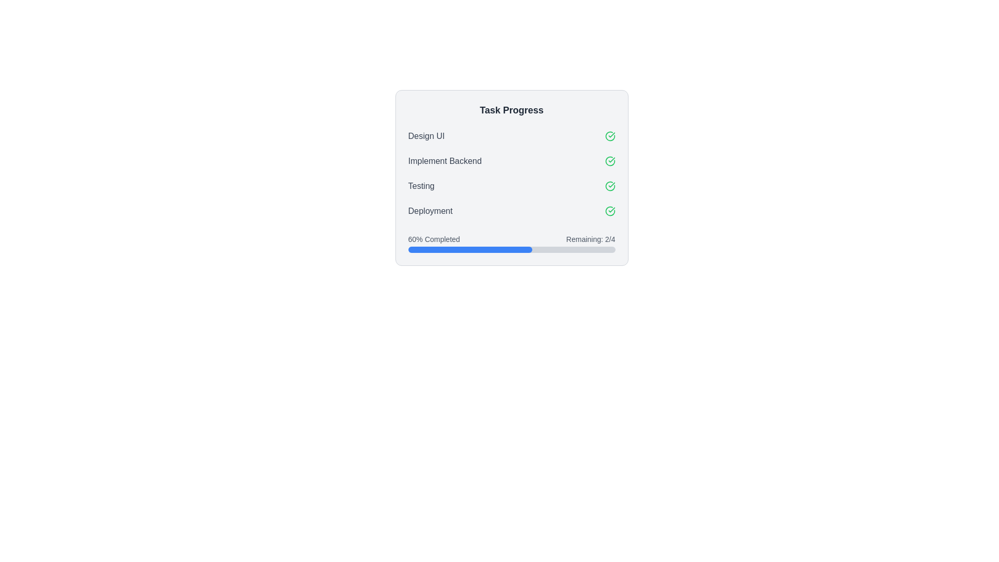 Image resolution: width=999 pixels, height=562 pixels. What do you see at coordinates (445, 161) in the screenshot?
I see `the text label reading 'Implement Backend', which is the second item` at bounding box center [445, 161].